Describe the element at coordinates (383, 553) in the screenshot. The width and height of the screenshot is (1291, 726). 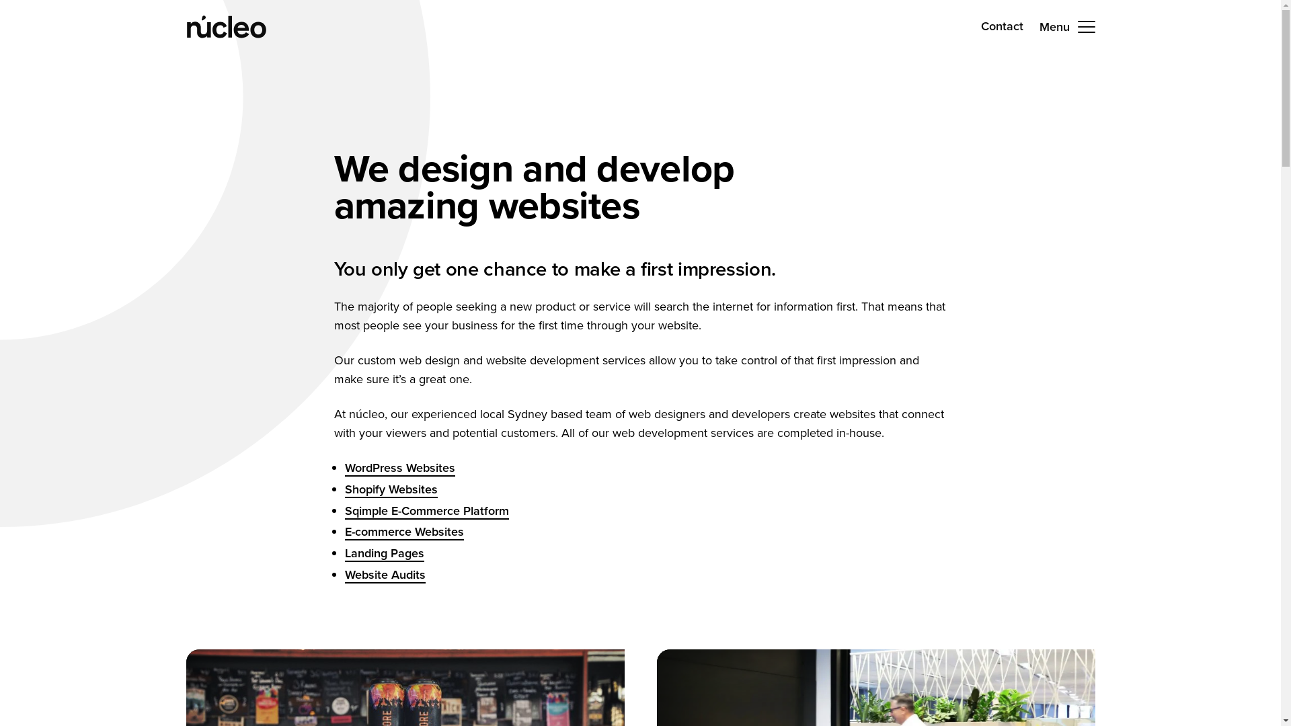
I see `'Landing Pages'` at that location.